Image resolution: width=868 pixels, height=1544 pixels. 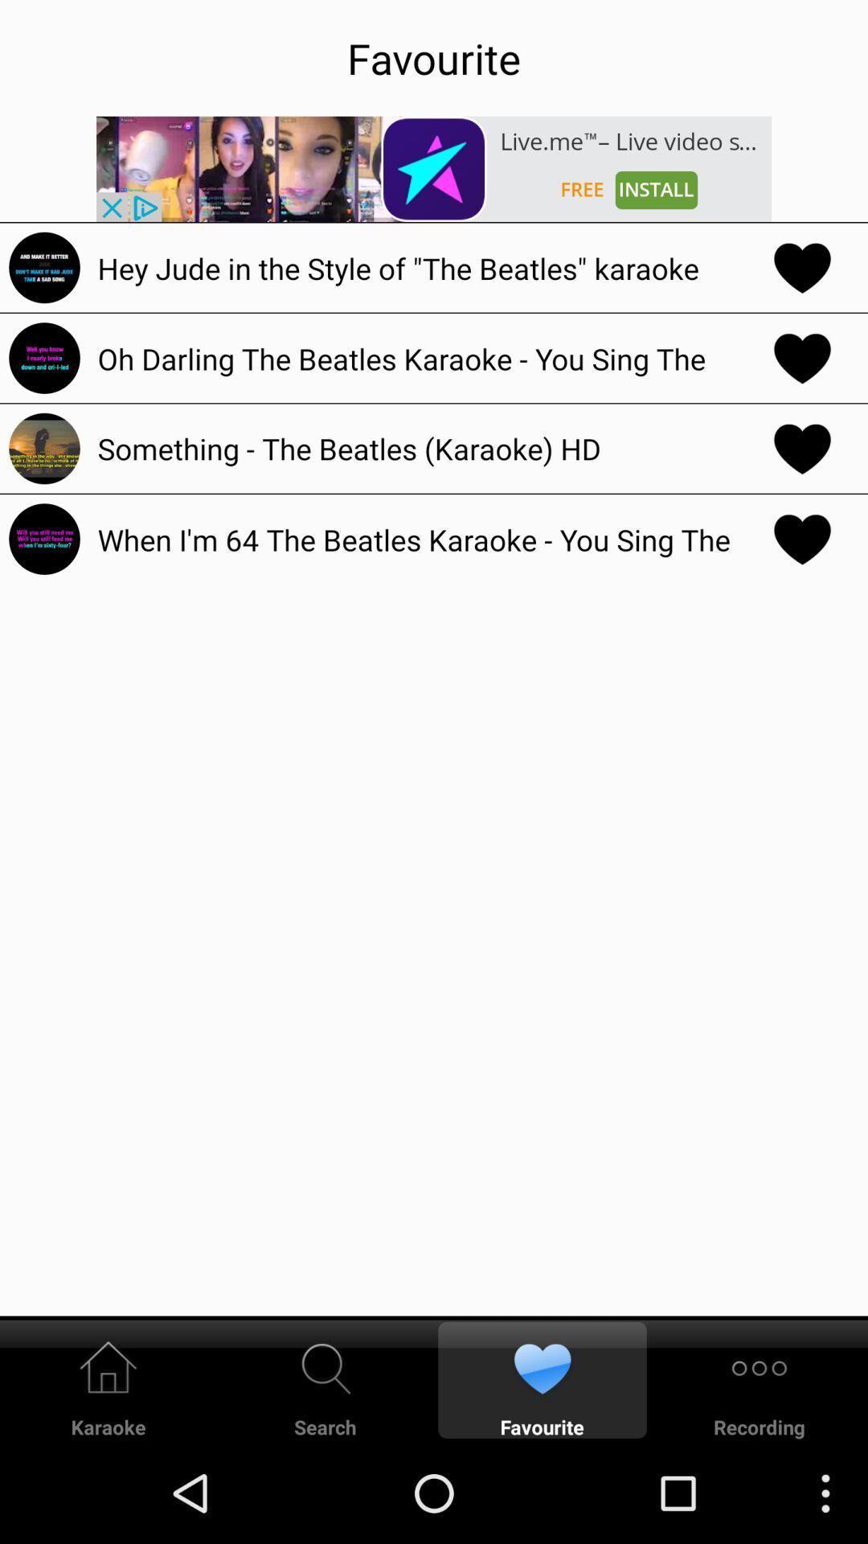 What do you see at coordinates (802, 448) in the screenshot?
I see `the third black heart` at bounding box center [802, 448].